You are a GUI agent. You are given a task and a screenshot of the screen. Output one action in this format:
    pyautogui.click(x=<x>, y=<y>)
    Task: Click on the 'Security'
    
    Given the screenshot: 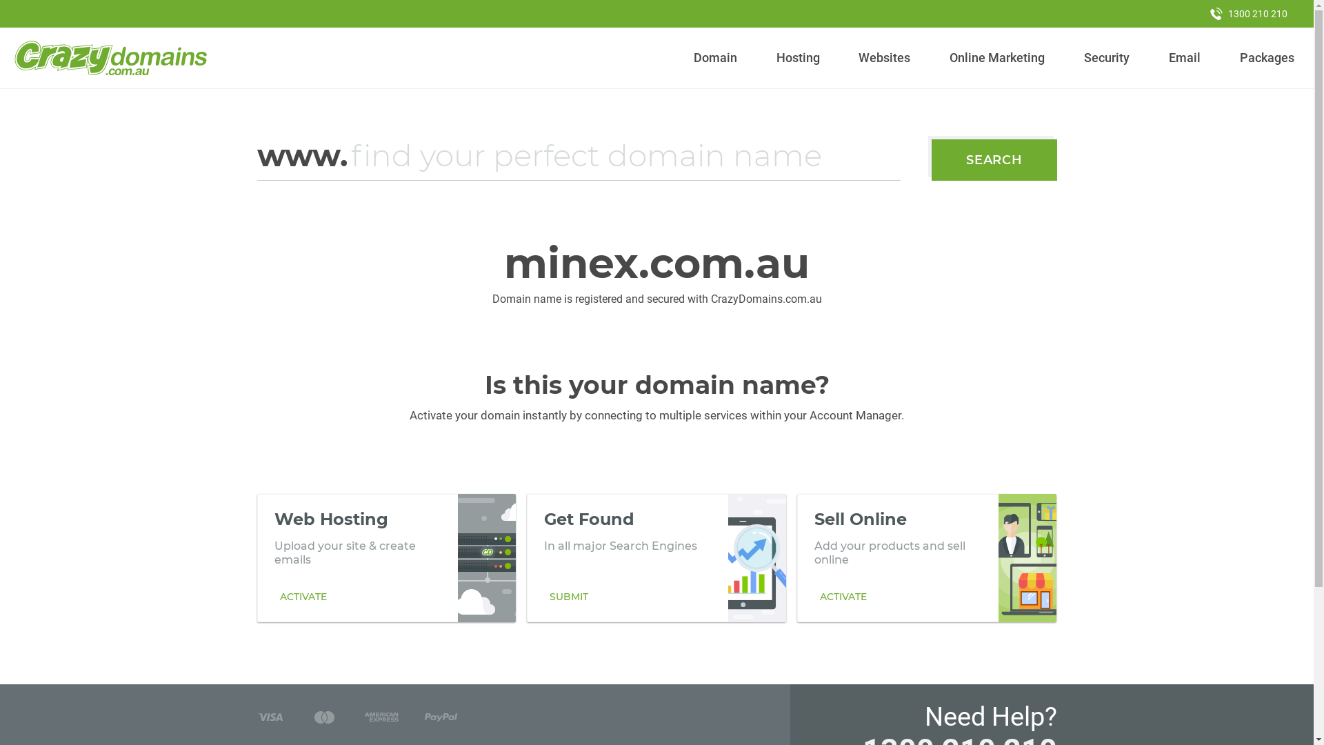 What is the action you would take?
    pyautogui.click(x=1107, y=57)
    